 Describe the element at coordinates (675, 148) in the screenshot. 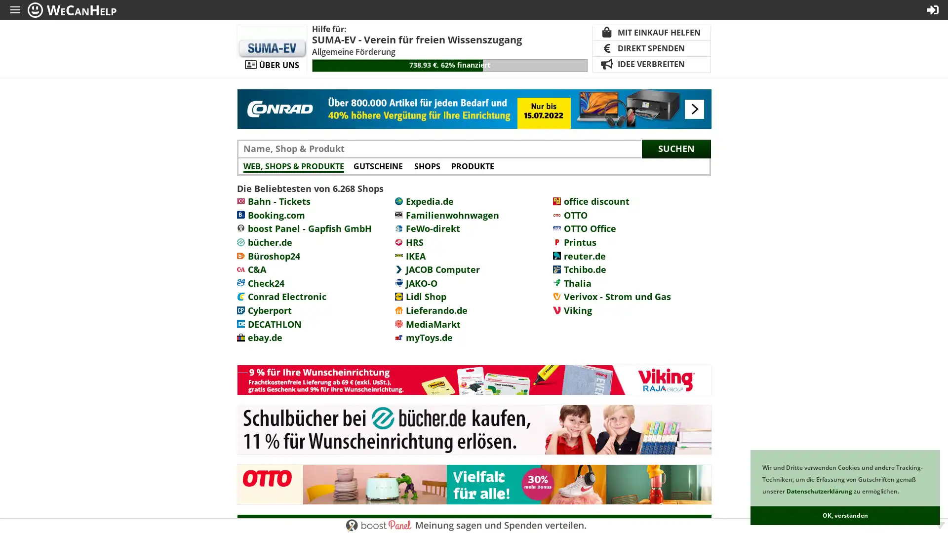

I see `Suchen` at that location.